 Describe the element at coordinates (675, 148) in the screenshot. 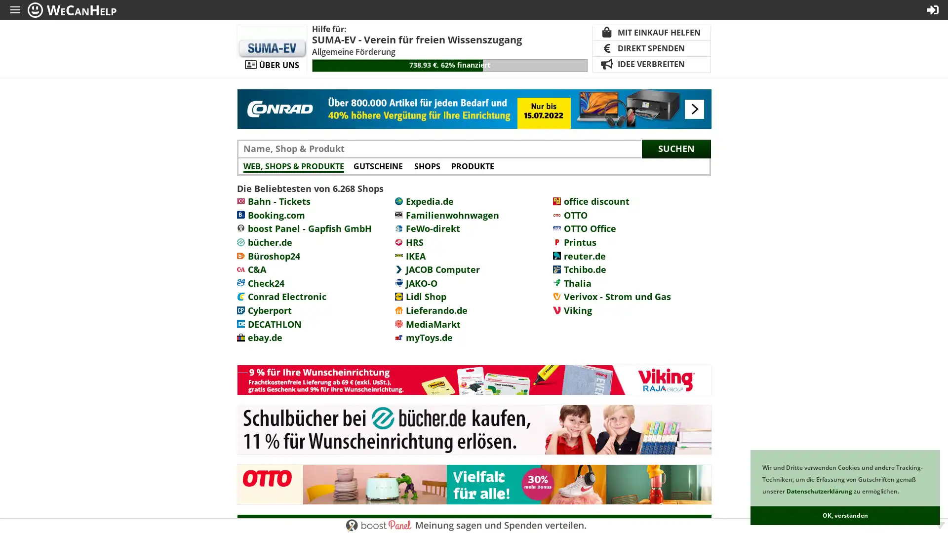

I see `Suchen` at that location.